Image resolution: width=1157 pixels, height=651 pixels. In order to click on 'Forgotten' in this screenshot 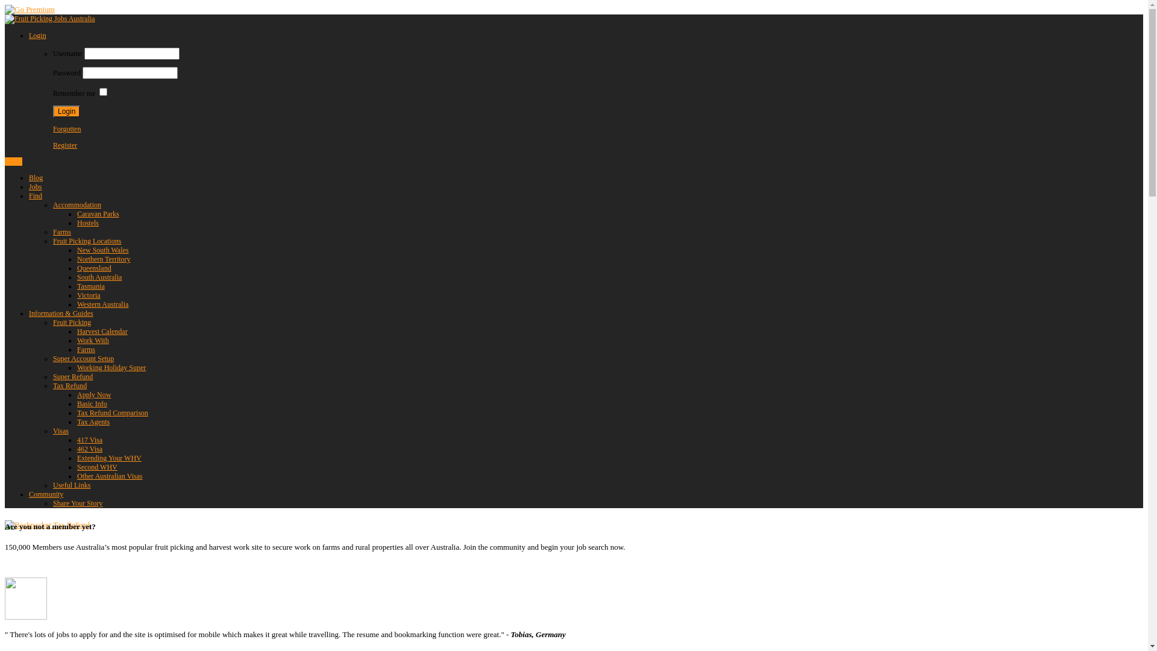, I will do `click(52, 128)`.